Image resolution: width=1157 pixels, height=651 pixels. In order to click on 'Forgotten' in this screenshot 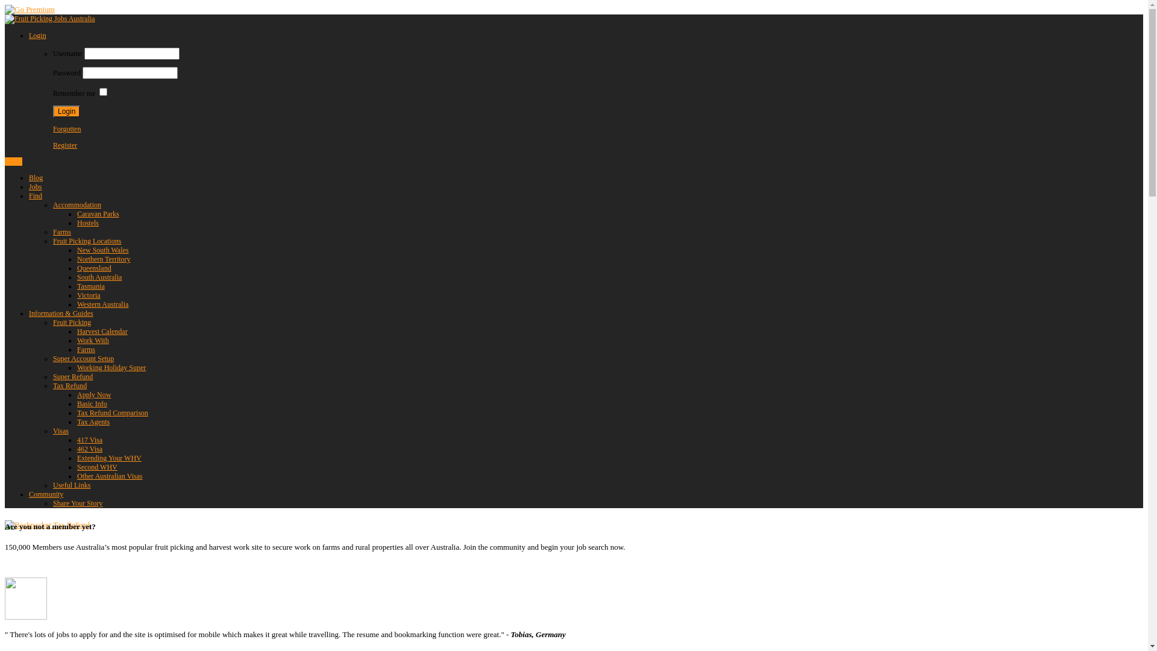, I will do `click(52, 128)`.